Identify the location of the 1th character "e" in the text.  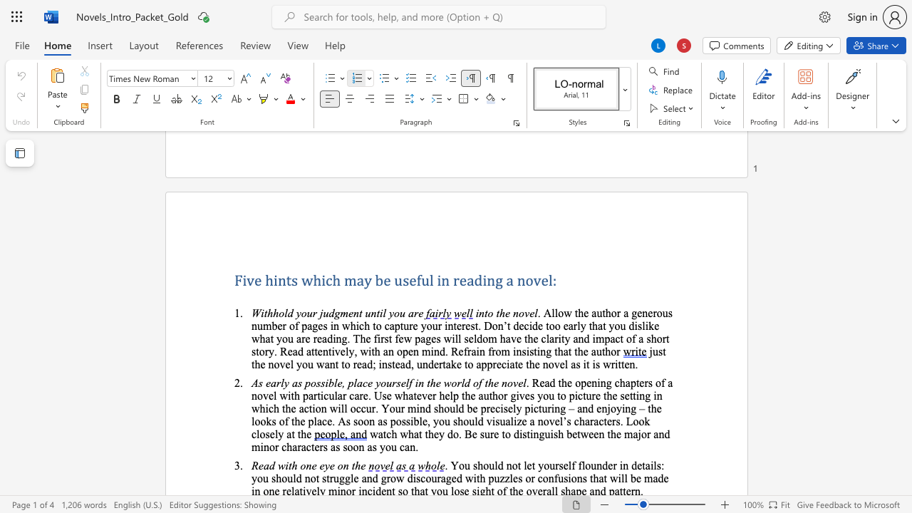
(268, 382).